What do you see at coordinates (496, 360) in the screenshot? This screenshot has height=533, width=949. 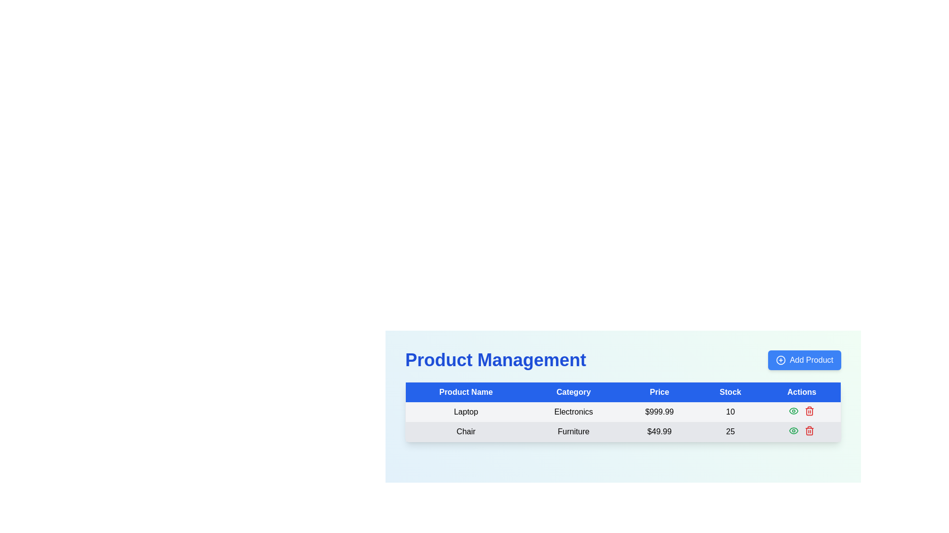 I see `the large, bold, blue text label reading 'Product Management' if it is accessible` at bounding box center [496, 360].